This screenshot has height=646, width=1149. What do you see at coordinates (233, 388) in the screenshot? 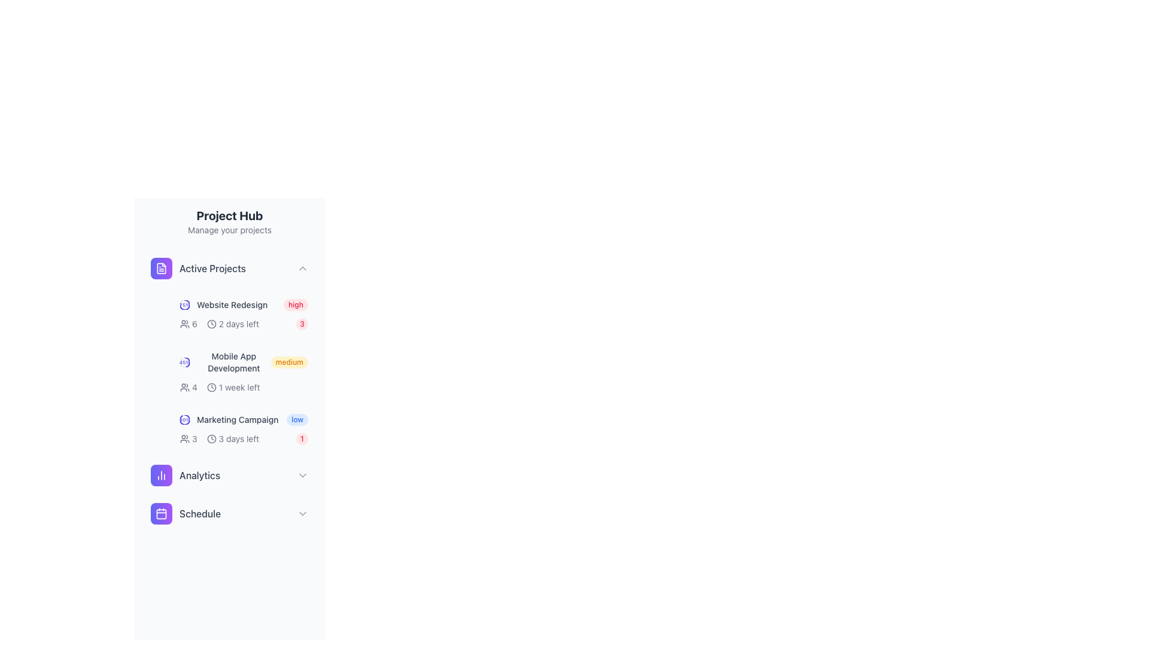
I see `the UI label displaying '1 week left' with a clock icon, which is located in the 'Mobile App Development' project section` at bounding box center [233, 388].